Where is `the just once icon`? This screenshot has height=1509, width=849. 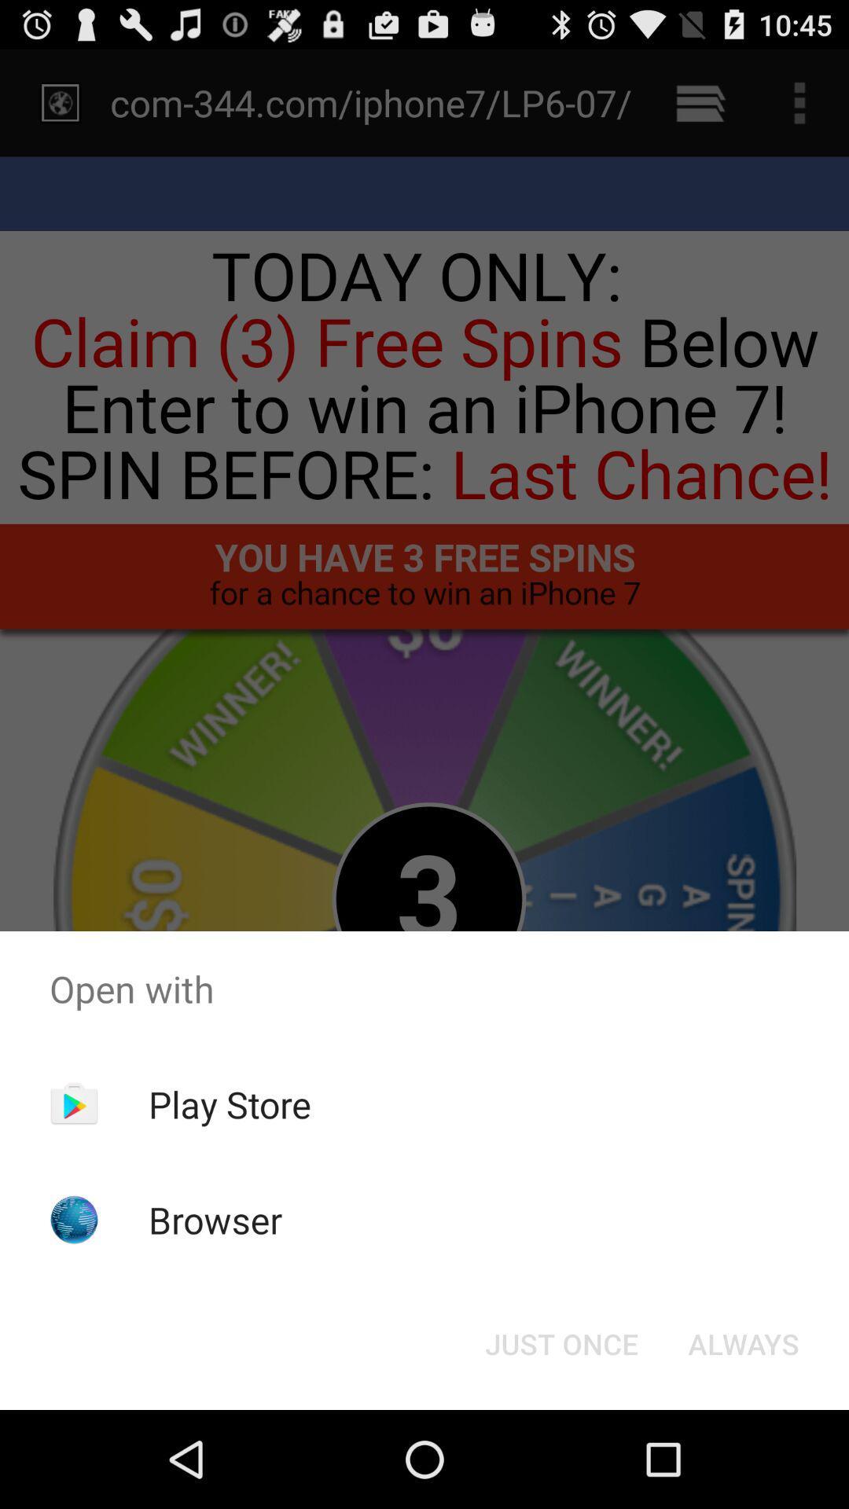 the just once icon is located at coordinates (560, 1342).